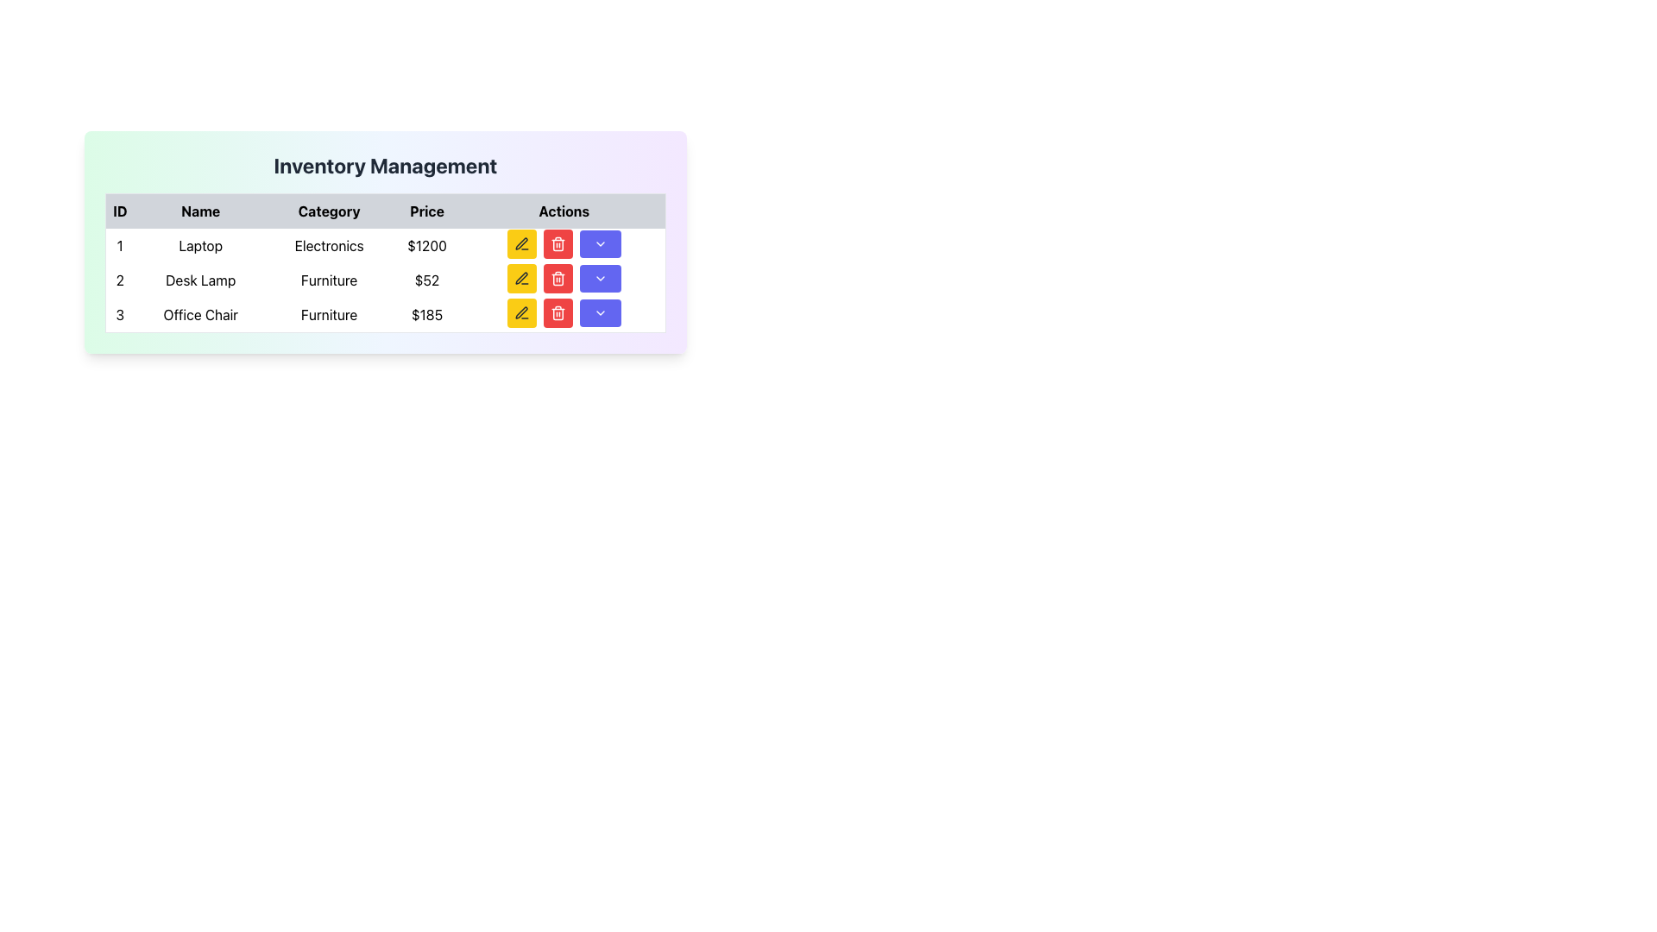  I want to click on text 'ID' from the first Table Header Cell in the header row of the table, which is styled in bold and has a light grey background, so click(119, 210).